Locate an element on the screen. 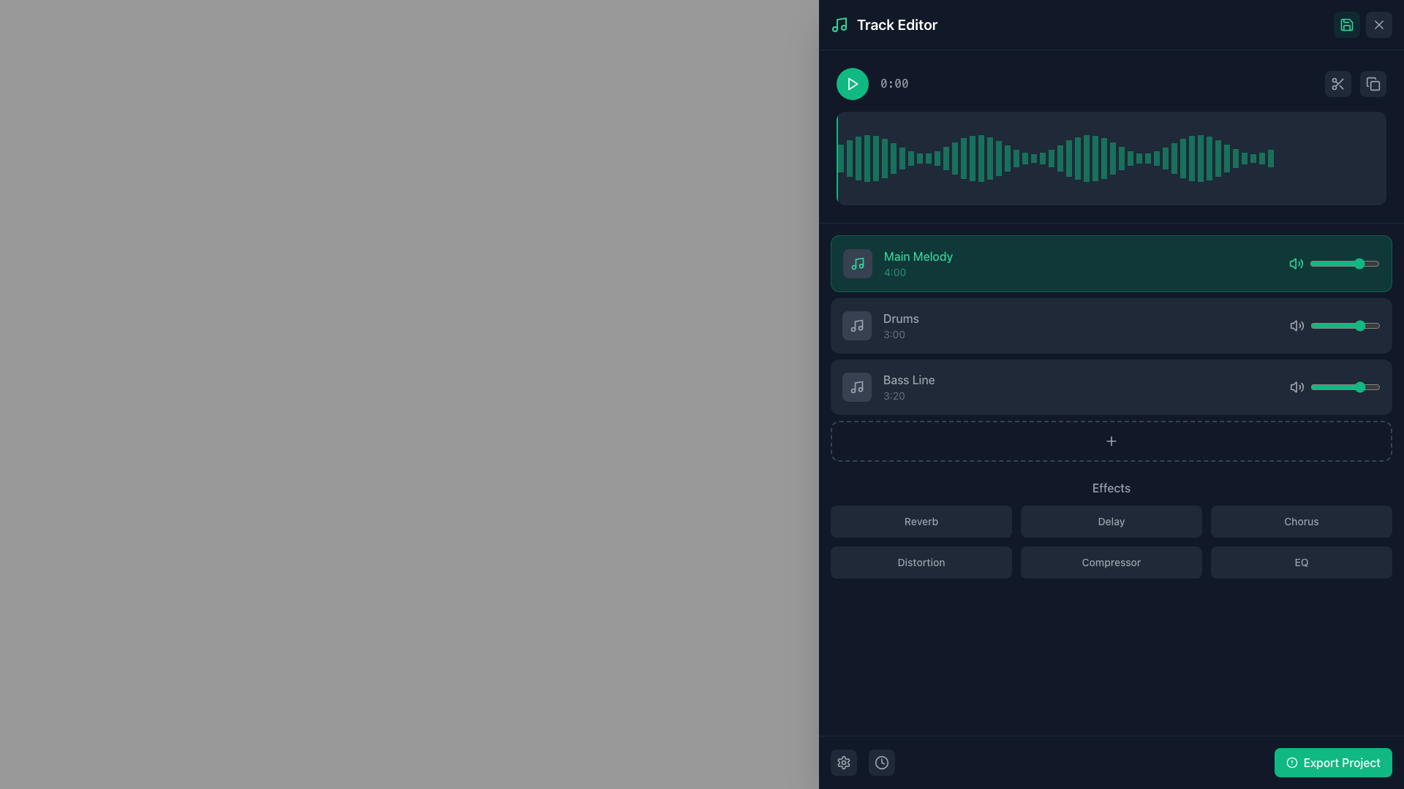  the volume or sound toggling icon in the Main Melody row is located at coordinates (1296, 264).